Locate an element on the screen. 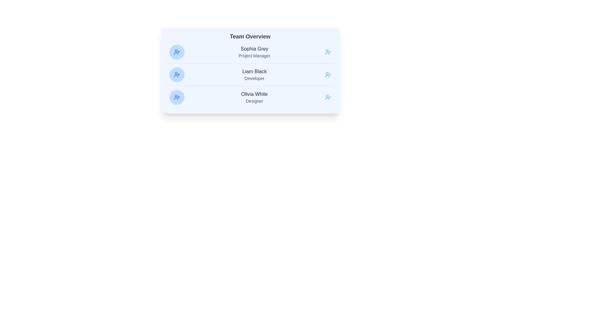  the user profile text display located in the third entry of the 'Team Overview' card, which identifies an individual within the team context is located at coordinates (254, 97).